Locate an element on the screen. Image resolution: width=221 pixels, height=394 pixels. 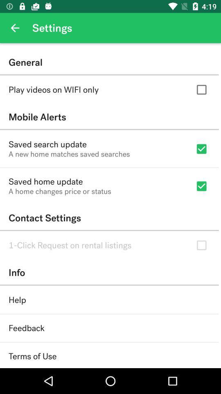
the info item is located at coordinates (109, 273).